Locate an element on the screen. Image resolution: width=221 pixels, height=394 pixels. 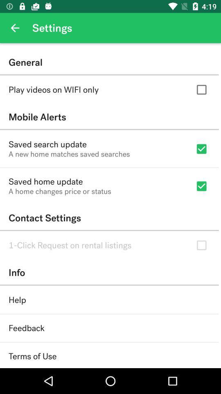
the info item is located at coordinates (109, 273).